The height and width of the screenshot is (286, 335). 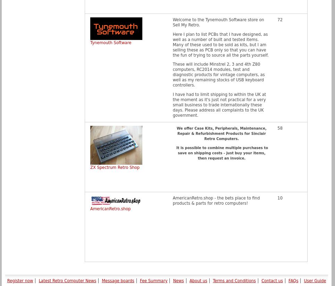 What do you see at coordinates (279, 20) in the screenshot?
I see `'72'` at bounding box center [279, 20].